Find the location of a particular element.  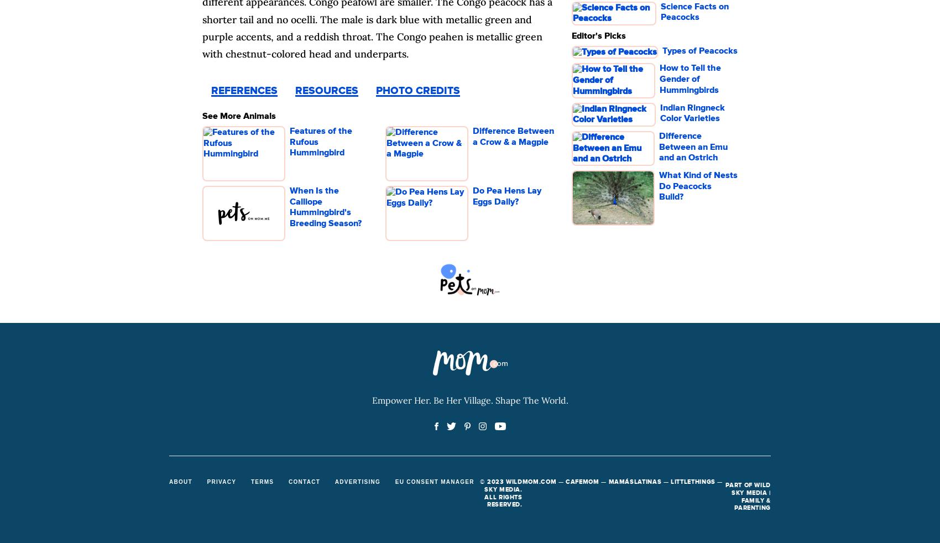

'About' is located at coordinates (169, 481).